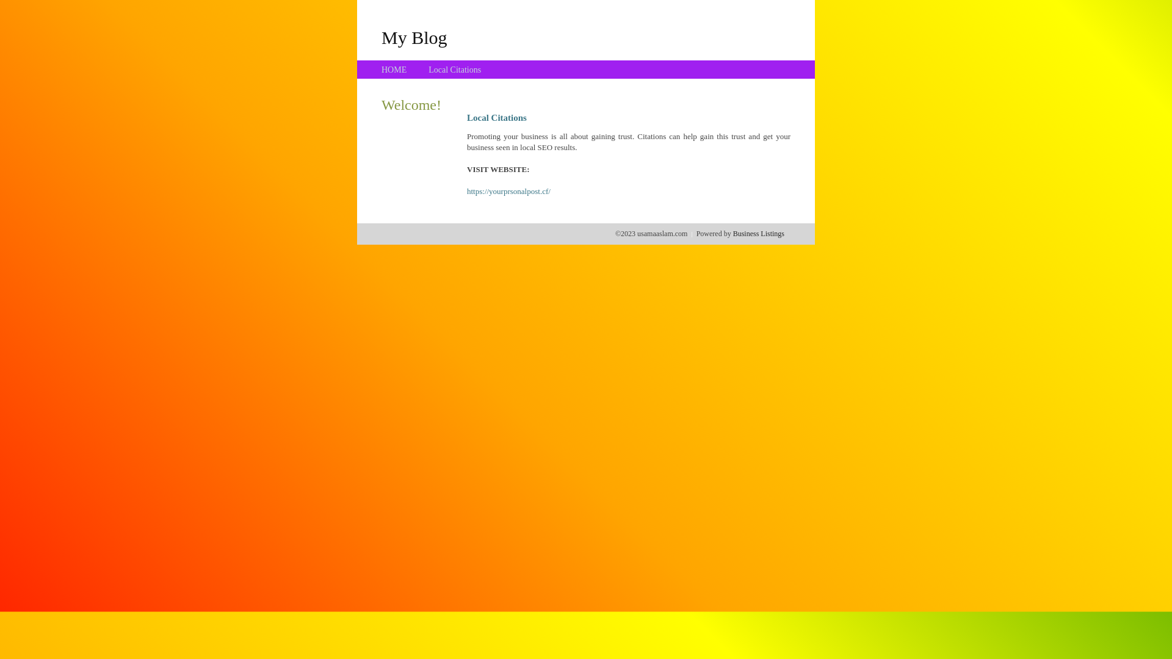 Image resolution: width=1172 pixels, height=659 pixels. I want to click on 'Local Citations', so click(428, 70).